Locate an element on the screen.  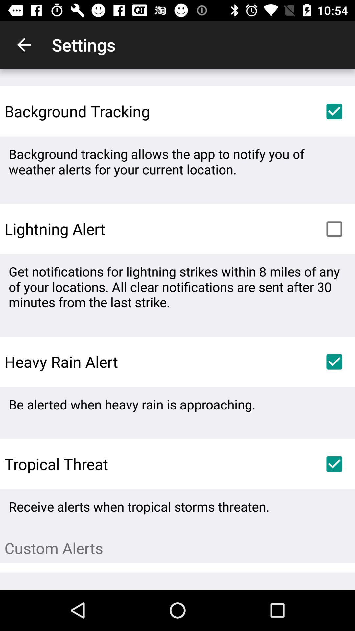
the item above get notifications for item is located at coordinates (334, 229).